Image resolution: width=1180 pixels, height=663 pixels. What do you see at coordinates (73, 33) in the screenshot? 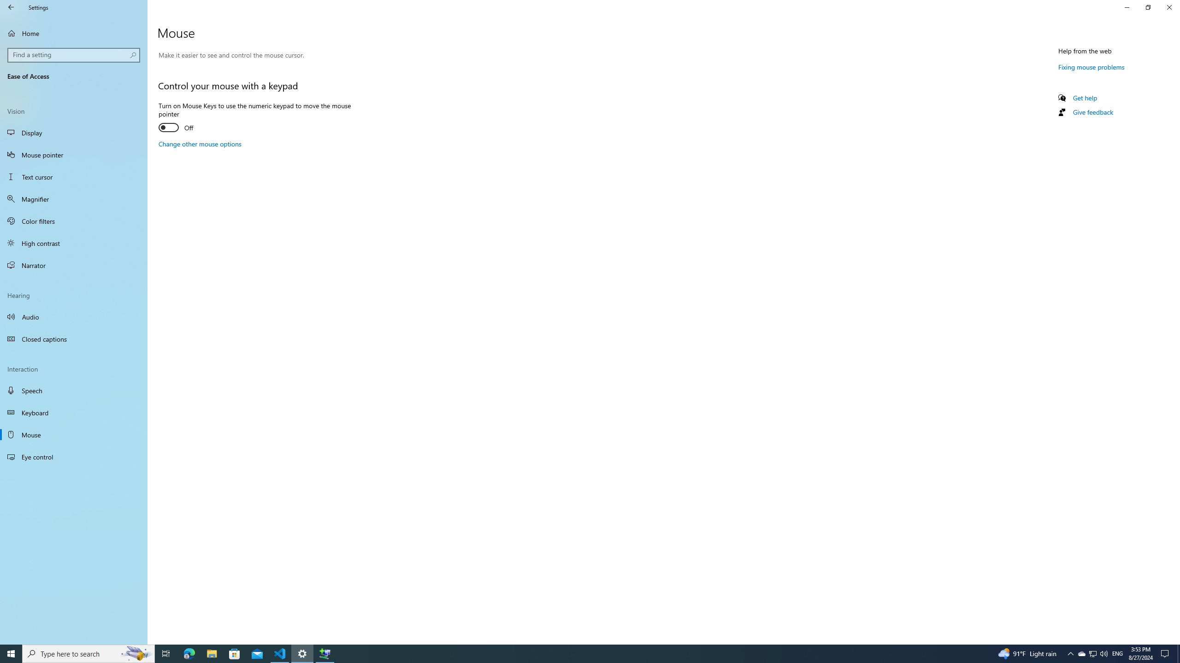
I see `'Home'` at bounding box center [73, 33].